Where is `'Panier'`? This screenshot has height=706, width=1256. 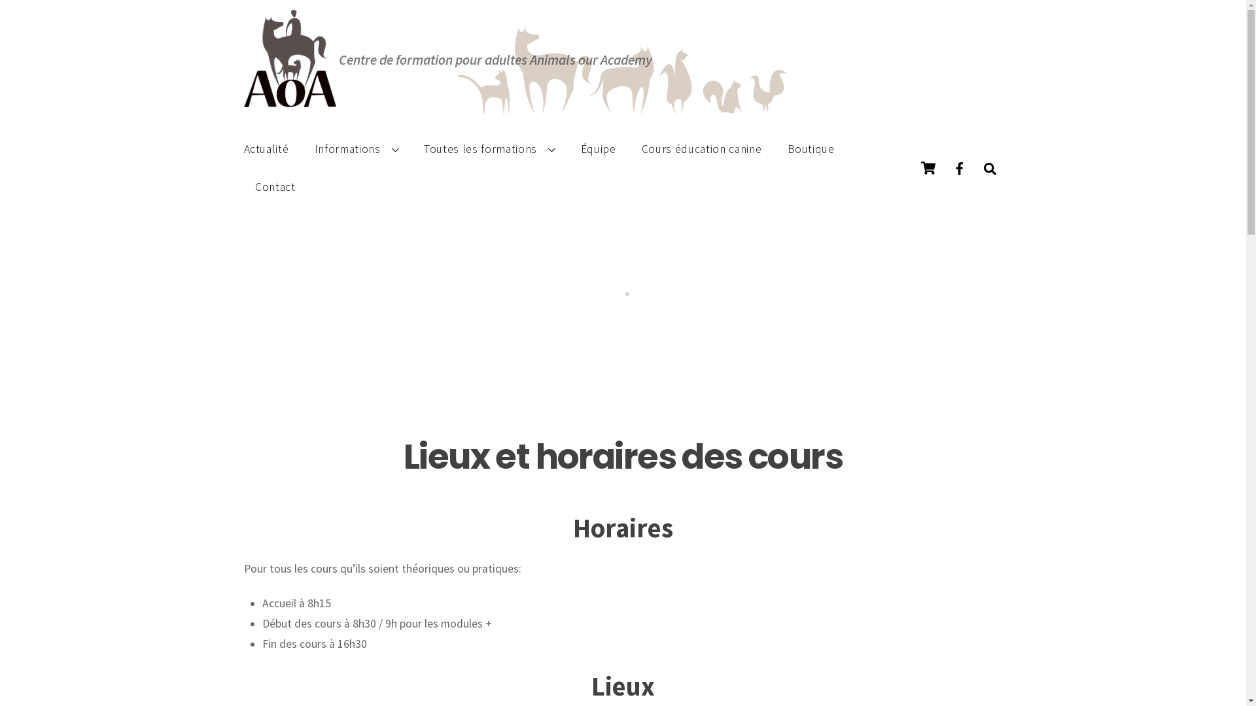 'Panier' is located at coordinates (926, 167).